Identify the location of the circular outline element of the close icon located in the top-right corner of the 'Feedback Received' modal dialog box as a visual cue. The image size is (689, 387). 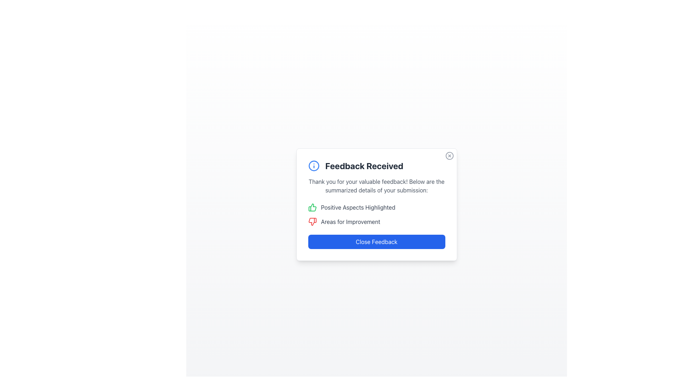
(449, 156).